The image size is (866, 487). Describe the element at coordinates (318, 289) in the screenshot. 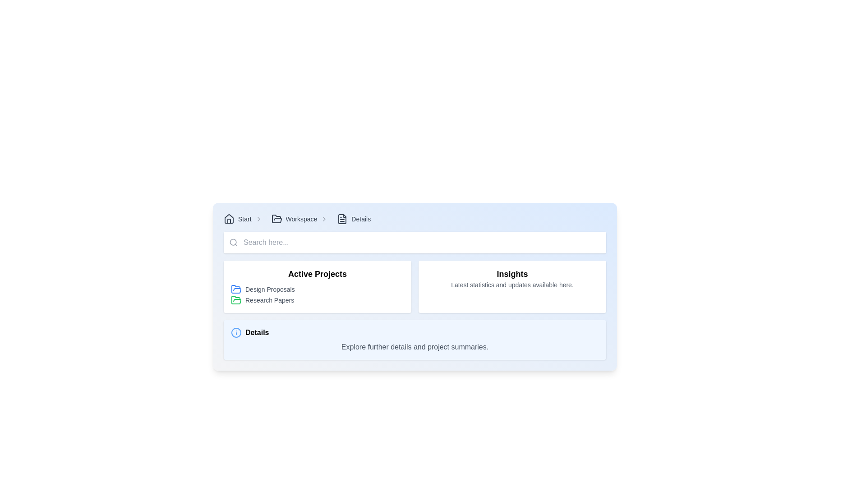

I see `the first item in the 'Active Projects' list, labeled 'Design Proposals', to allow for interaction or selection` at that location.